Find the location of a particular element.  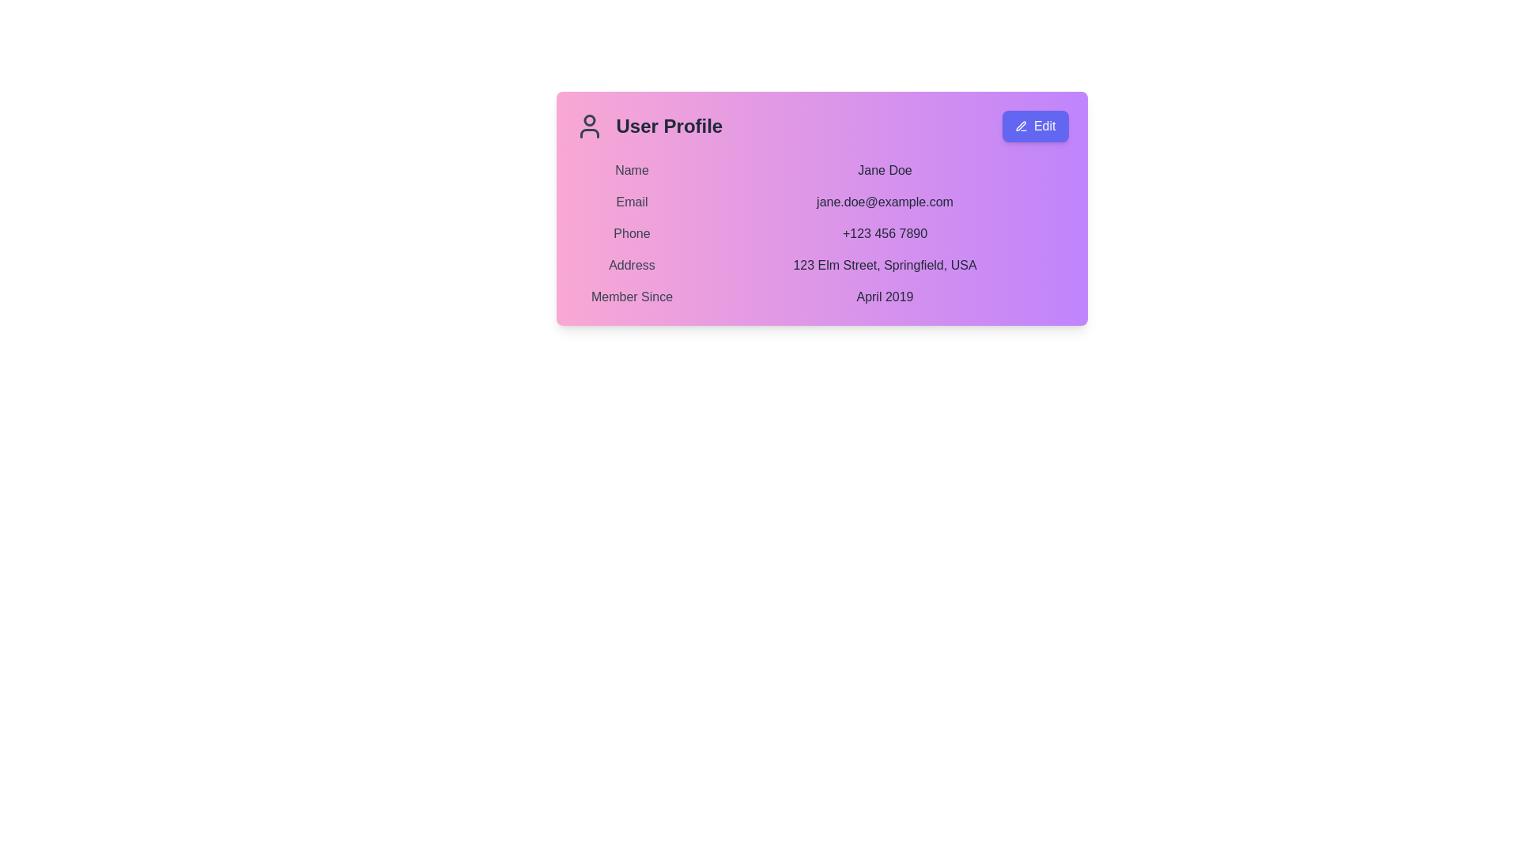

the circular SVG element that represents the user's head in the profile header section of the card, located to the left of the 'User Profile' title is located at coordinates (588, 119).